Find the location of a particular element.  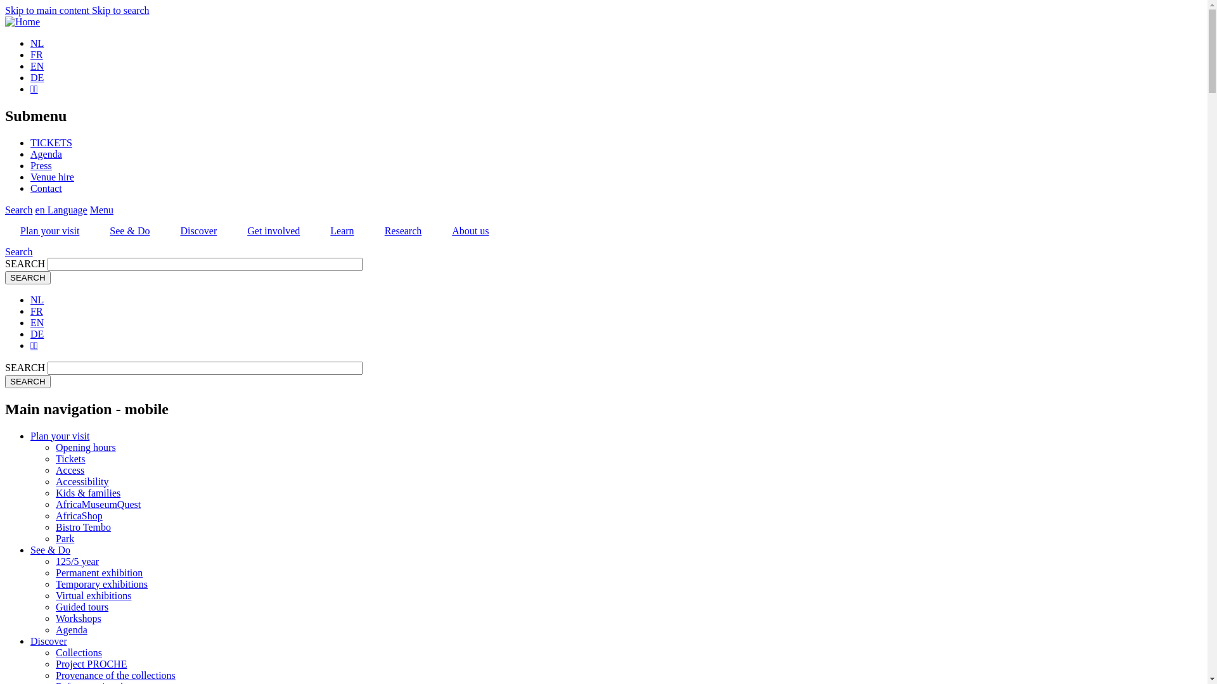

'Kids & families' is located at coordinates (55, 492).